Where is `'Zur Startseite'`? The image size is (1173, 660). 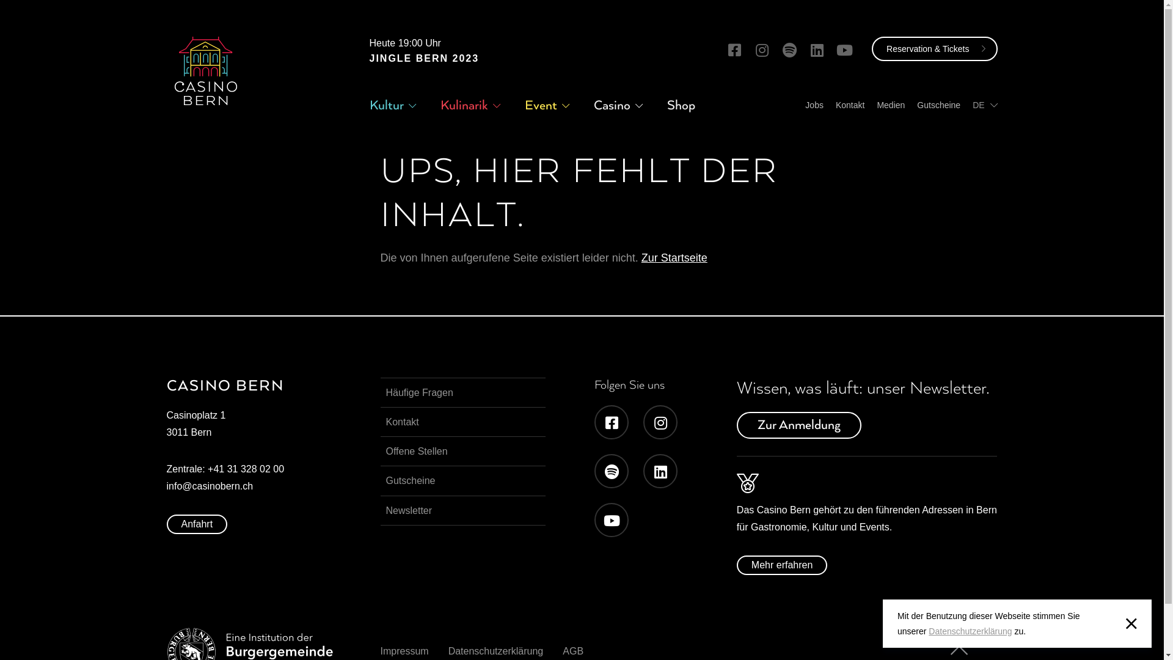
'Zur Startseite' is located at coordinates (674, 257).